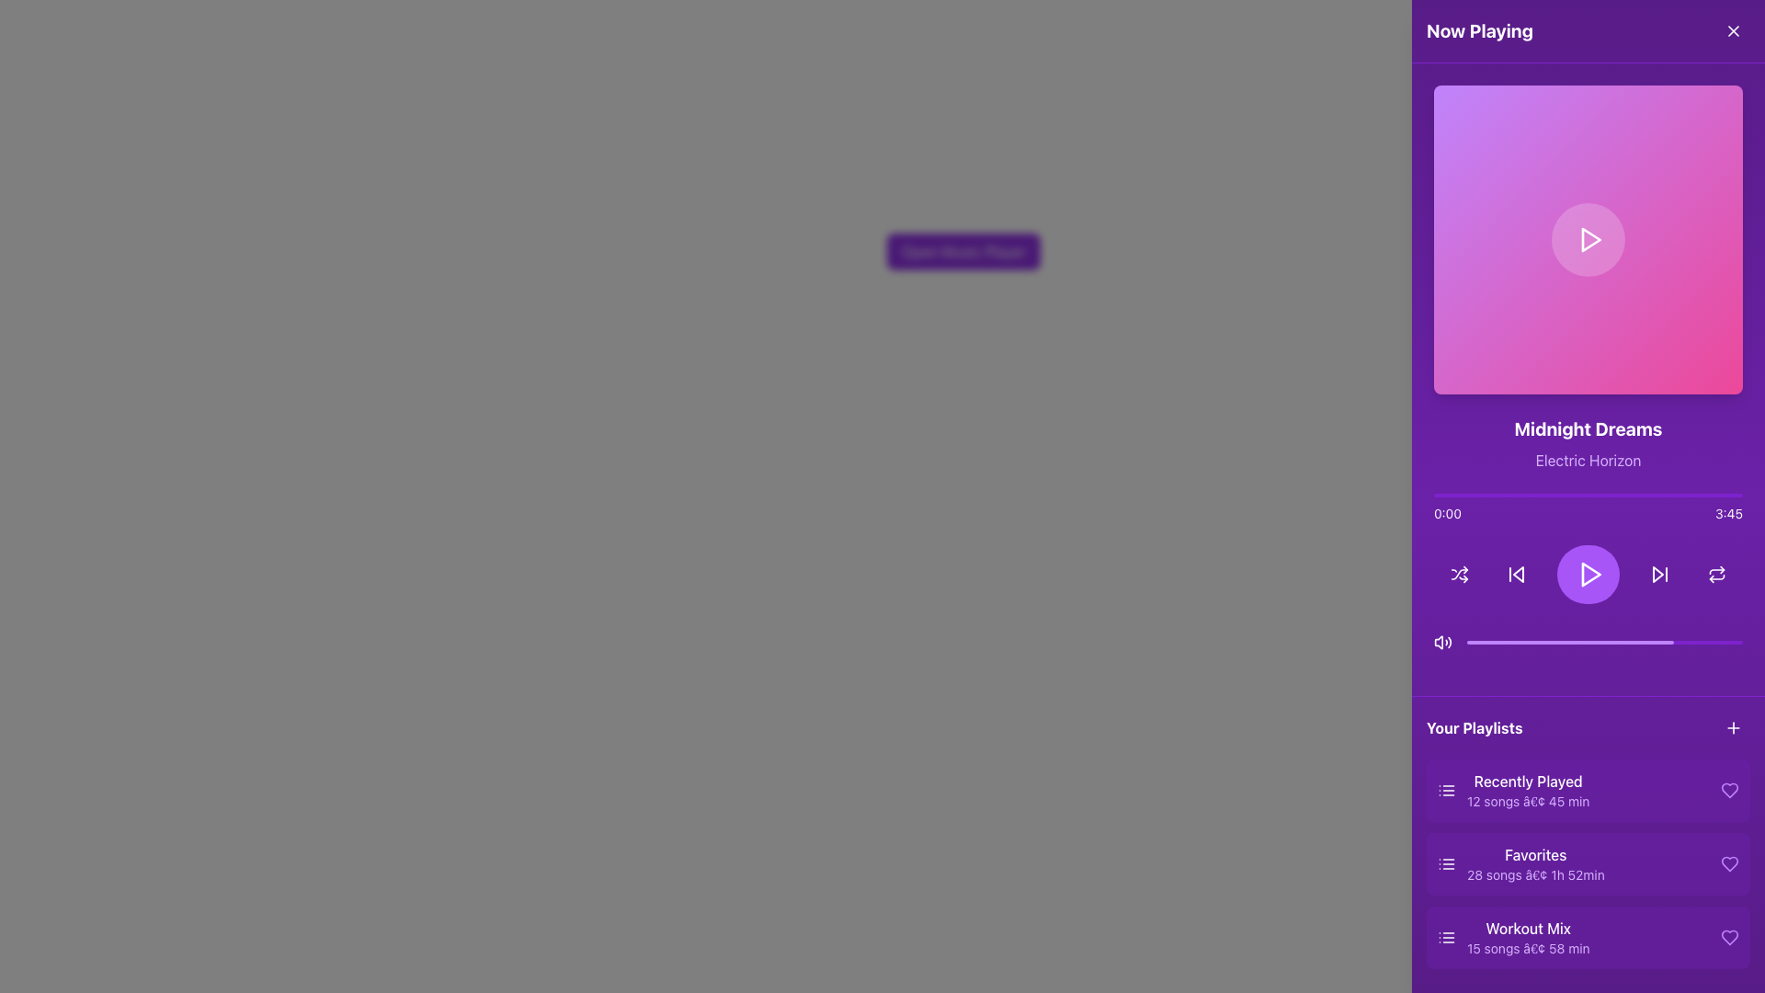 This screenshot has width=1765, height=993. What do you see at coordinates (1588, 508) in the screenshot?
I see `time labels '0:00' and '3:45' on the purple progress bar located below the title 'Midnight Dreams' and subtitle 'Electric Horizon' within the 'Now Playing' panel` at bounding box center [1588, 508].